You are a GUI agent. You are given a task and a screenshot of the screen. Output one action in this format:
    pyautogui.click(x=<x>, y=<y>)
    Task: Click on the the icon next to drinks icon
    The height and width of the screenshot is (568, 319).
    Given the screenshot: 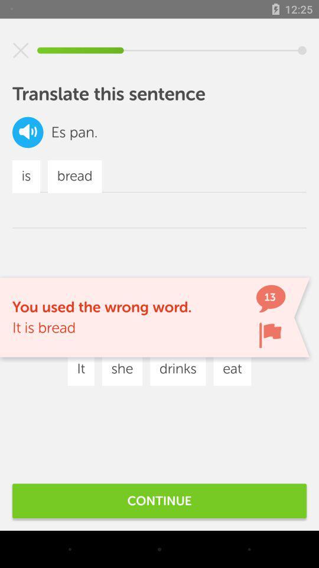 What is the action you would take?
    pyautogui.click(x=232, y=369)
    